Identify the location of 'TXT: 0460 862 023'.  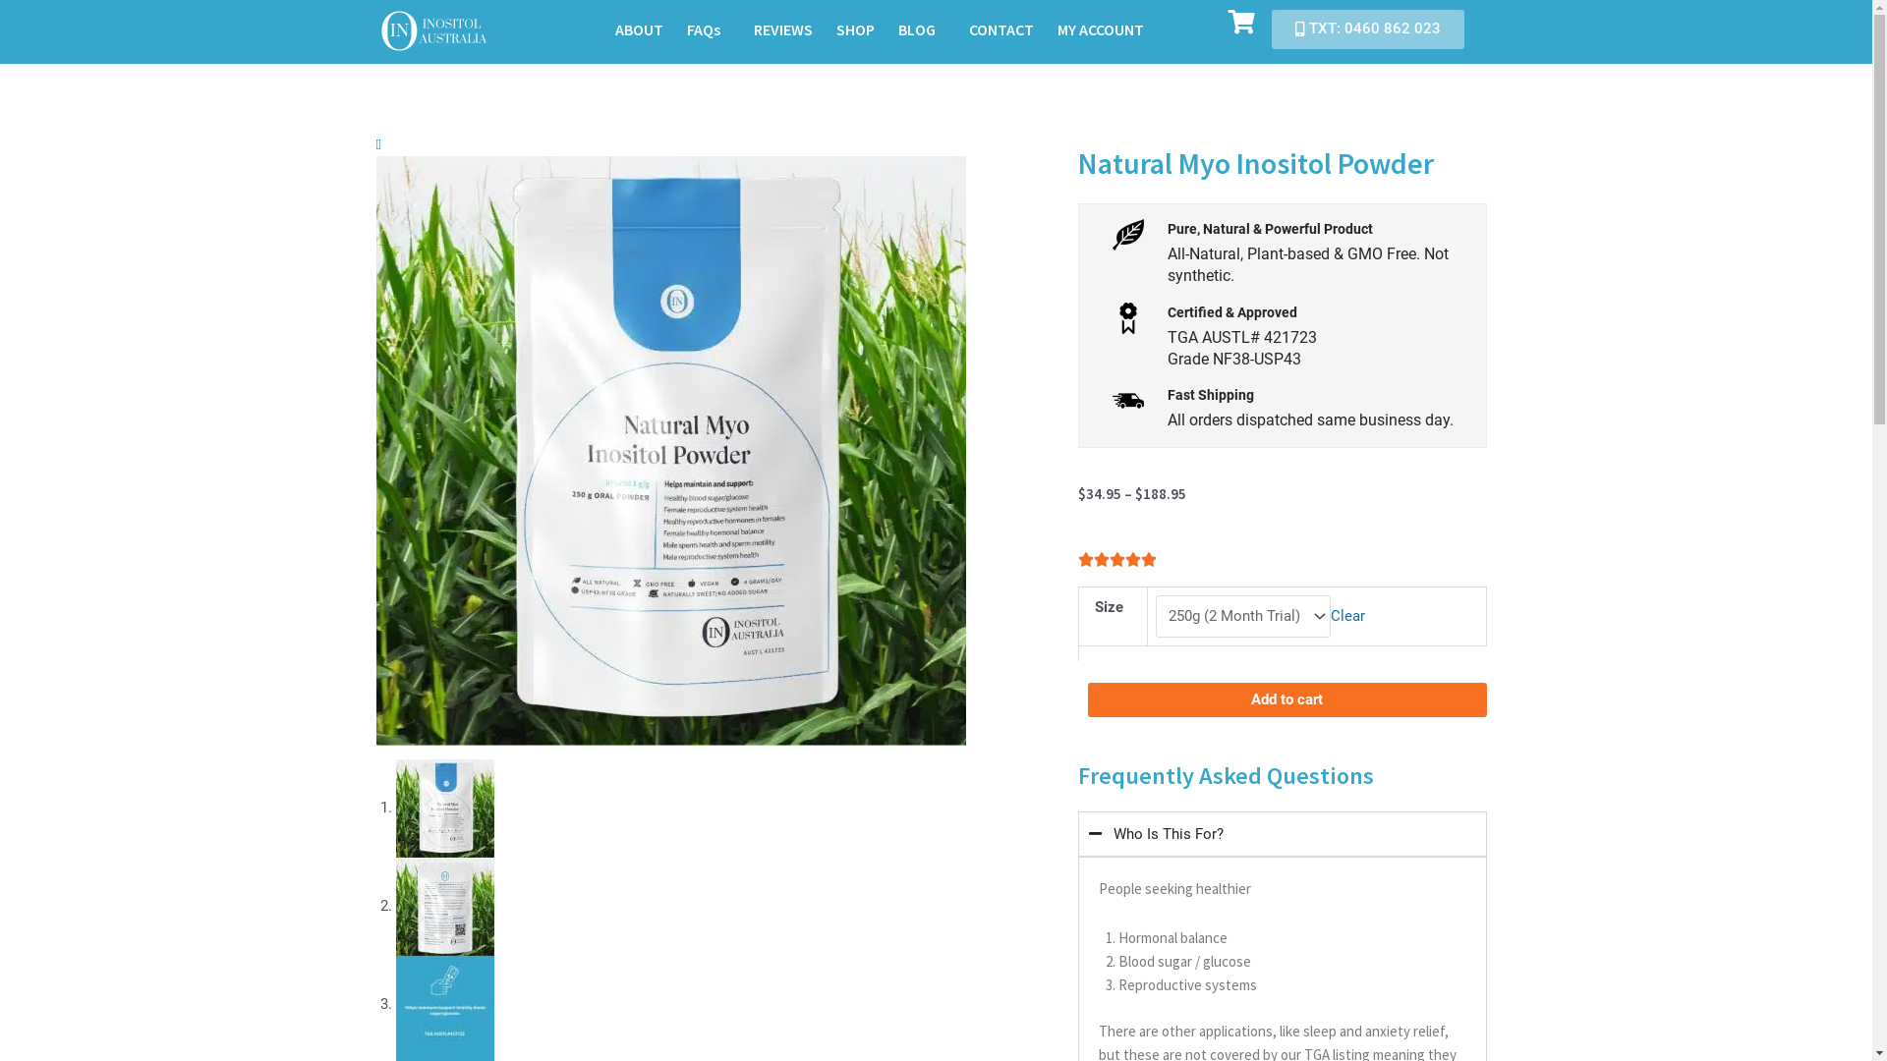
(1272, 29).